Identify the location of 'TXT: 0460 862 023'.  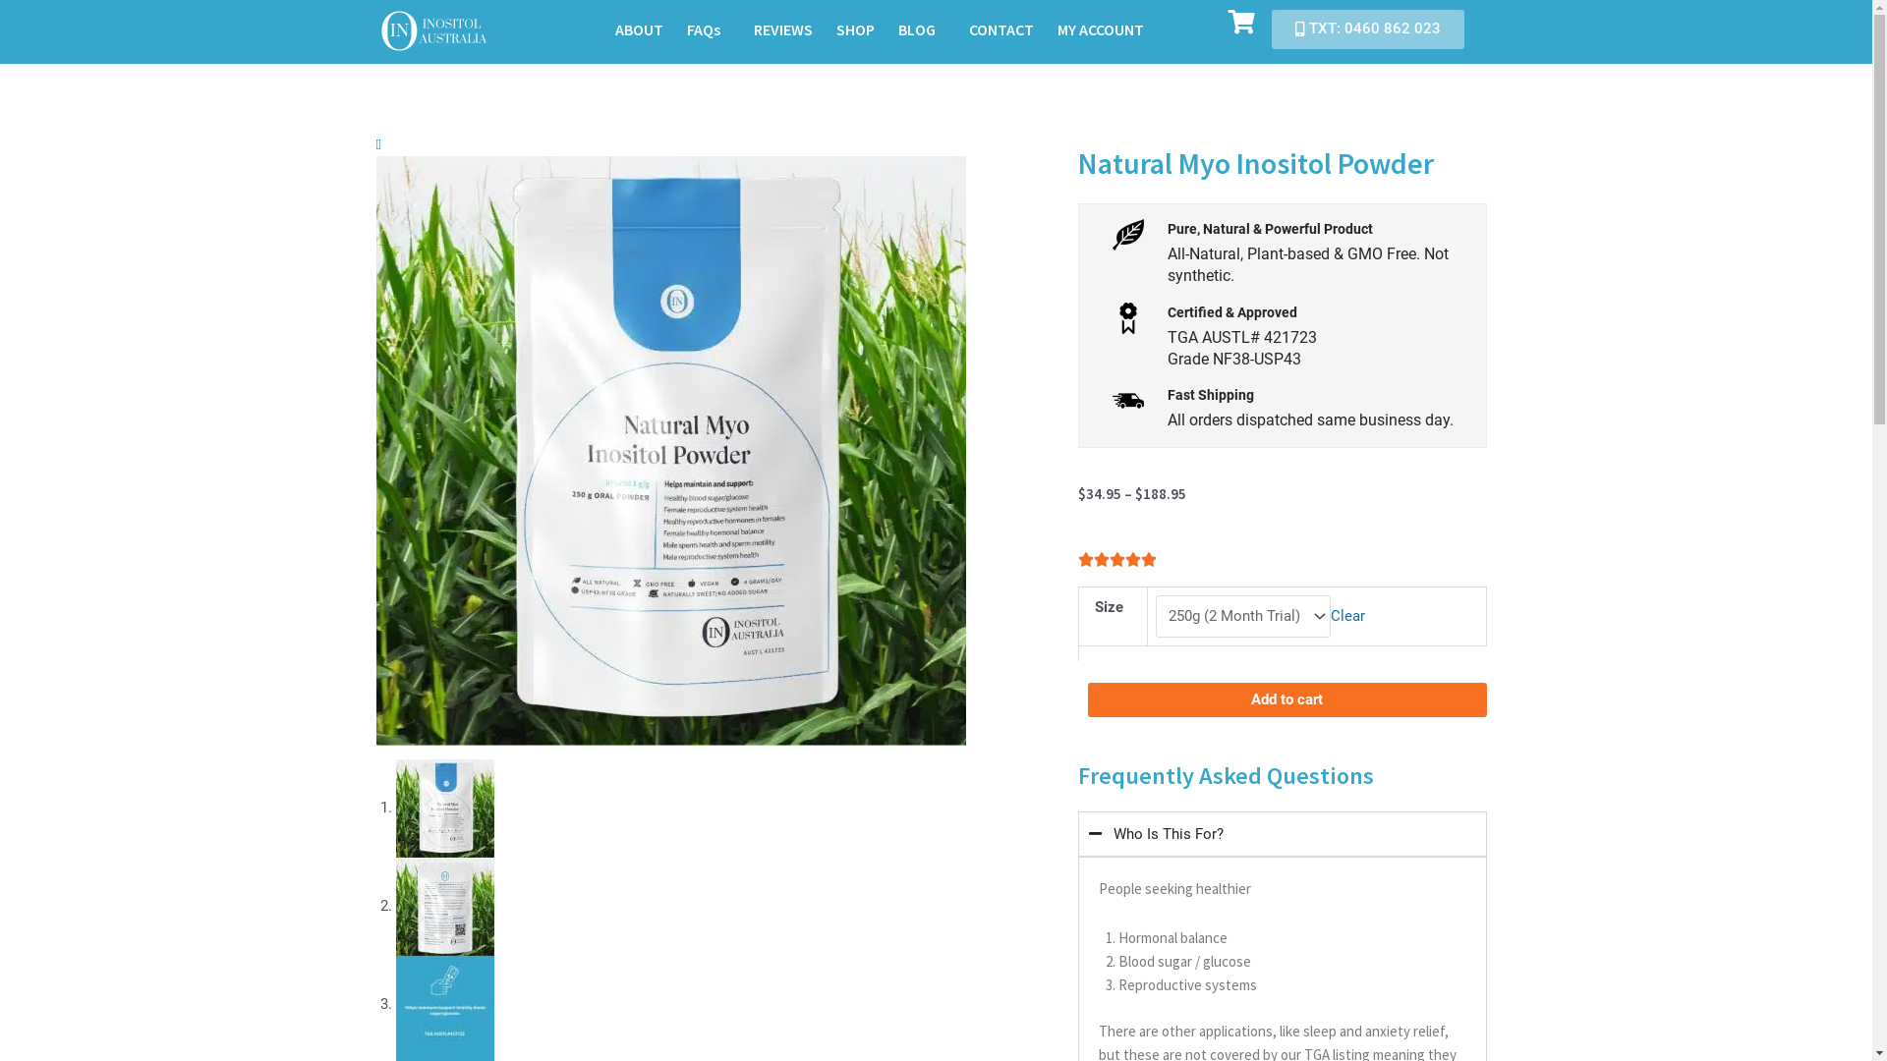
(1272, 29).